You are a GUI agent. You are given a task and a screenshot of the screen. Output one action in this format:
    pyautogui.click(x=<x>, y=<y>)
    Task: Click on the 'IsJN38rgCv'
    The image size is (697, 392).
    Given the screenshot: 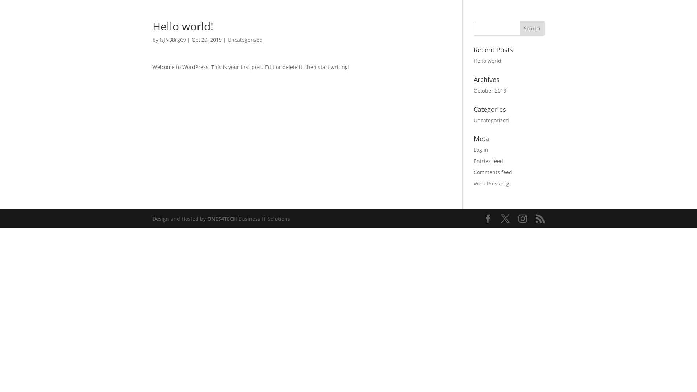 What is the action you would take?
    pyautogui.click(x=172, y=40)
    